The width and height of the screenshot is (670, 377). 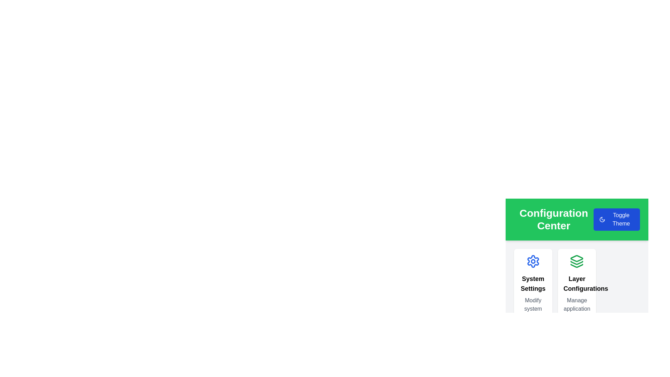 I want to click on the header bar titled 'Configuration Center' which includes a toggle button for changing the theme, so click(x=577, y=219).